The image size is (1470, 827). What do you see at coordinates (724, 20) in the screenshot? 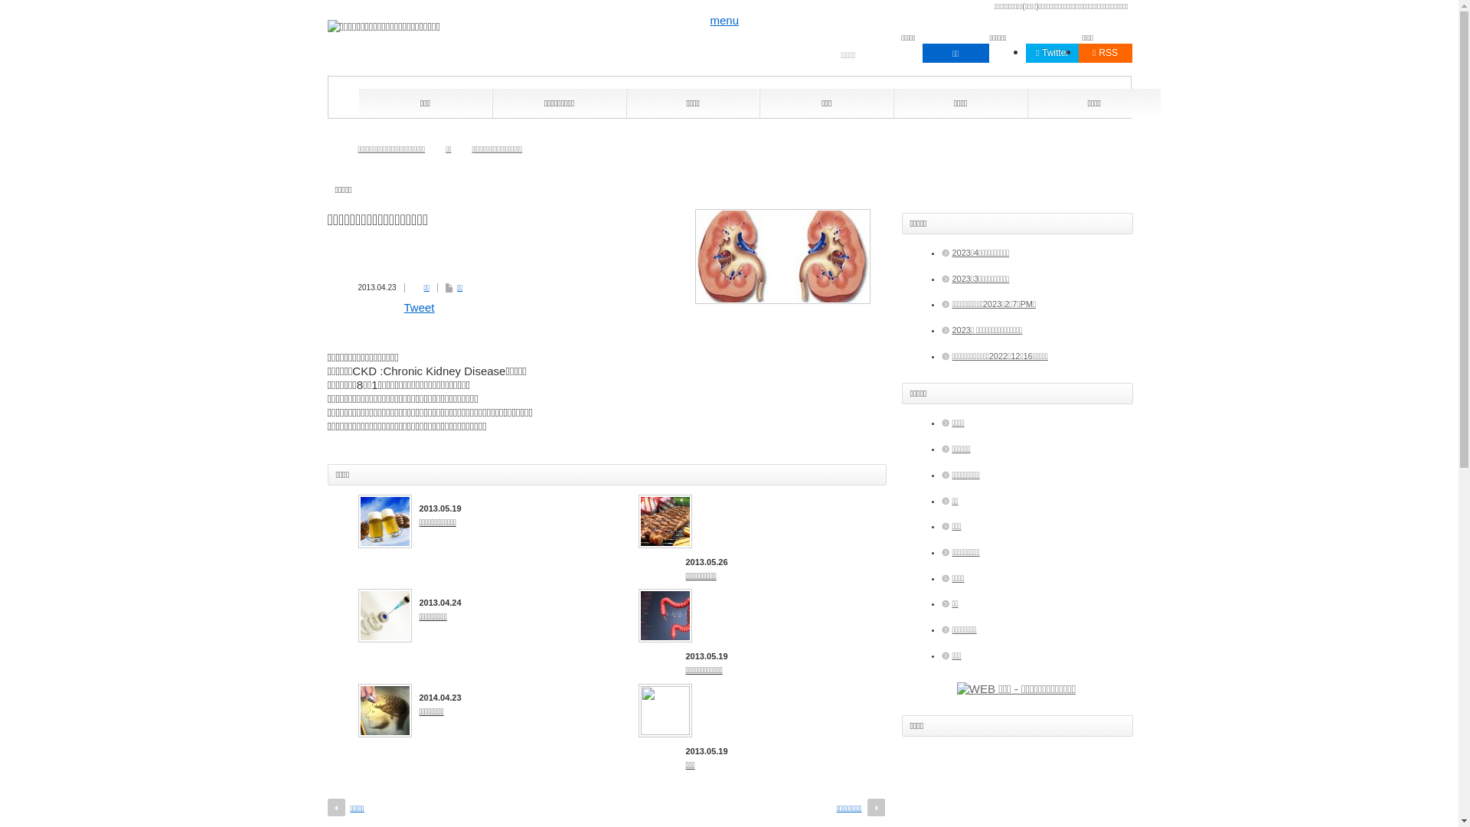
I see `'menu'` at bounding box center [724, 20].